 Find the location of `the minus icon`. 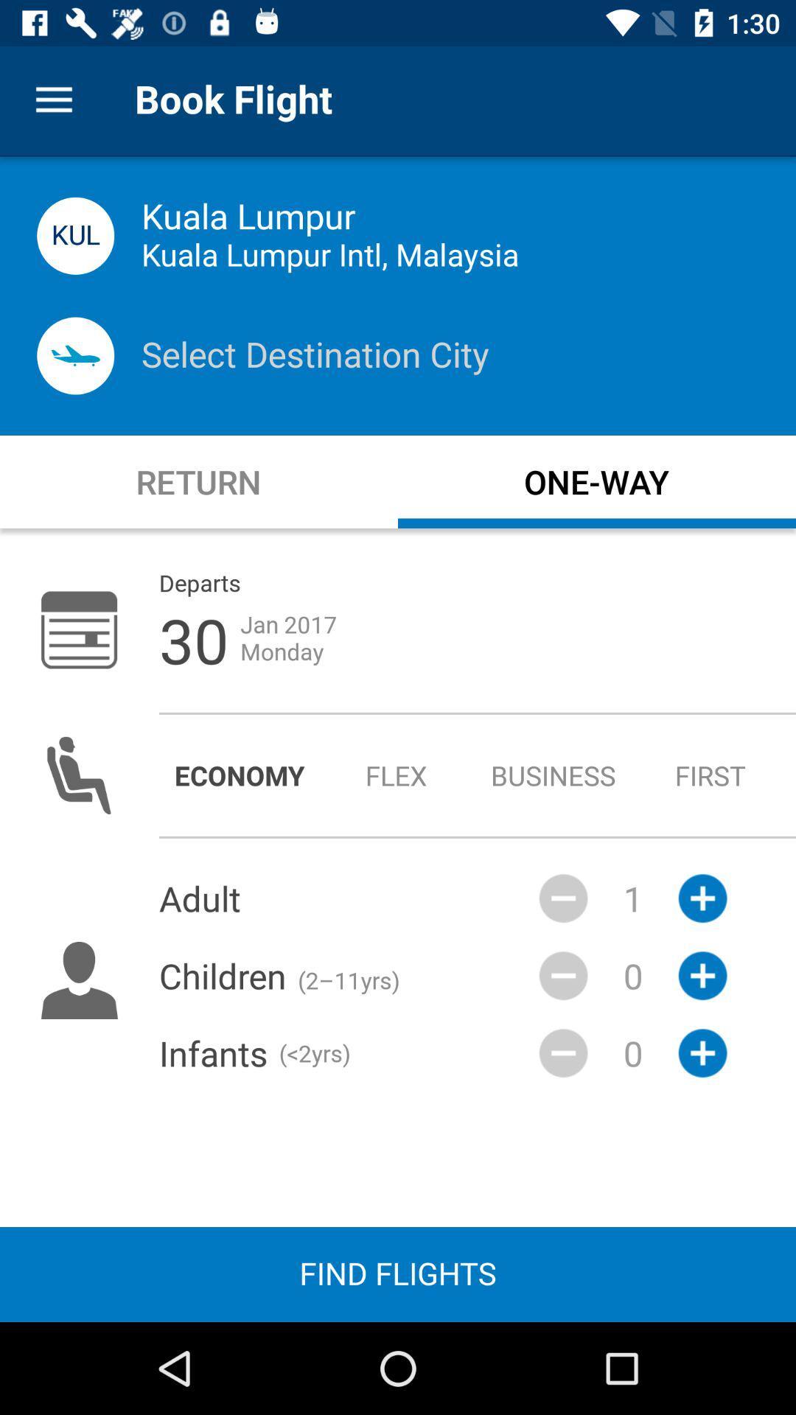

the minus icon is located at coordinates (563, 976).